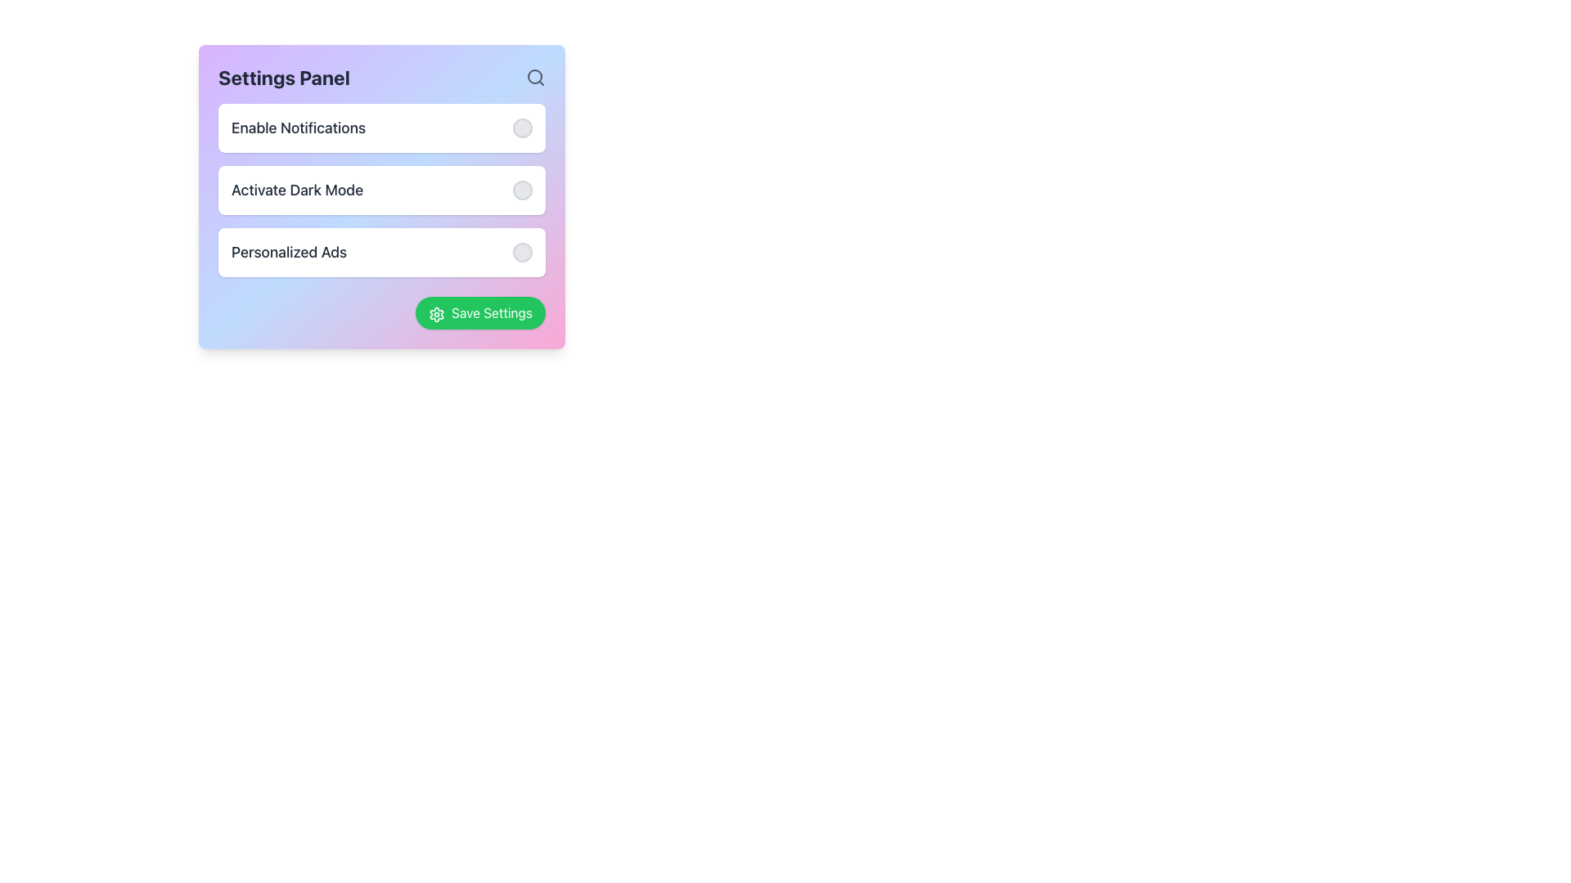 This screenshot has width=1571, height=883. What do you see at coordinates (289, 252) in the screenshot?
I see `text label 'Personalized Ads' which is the third item in the Settings Panel to obtain information about the associated toggle` at bounding box center [289, 252].